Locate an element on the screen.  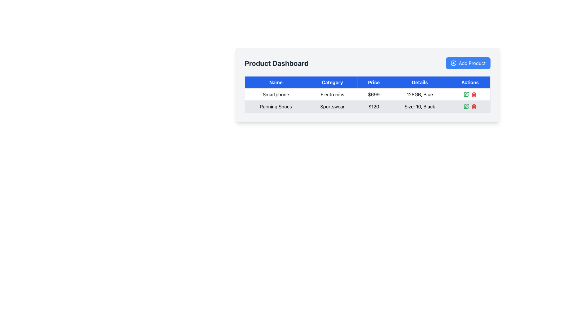
the 'Edit' icon button in the 'Actions' column for the 'Smartphone' product to change its color to a darker green is located at coordinates (466, 94).